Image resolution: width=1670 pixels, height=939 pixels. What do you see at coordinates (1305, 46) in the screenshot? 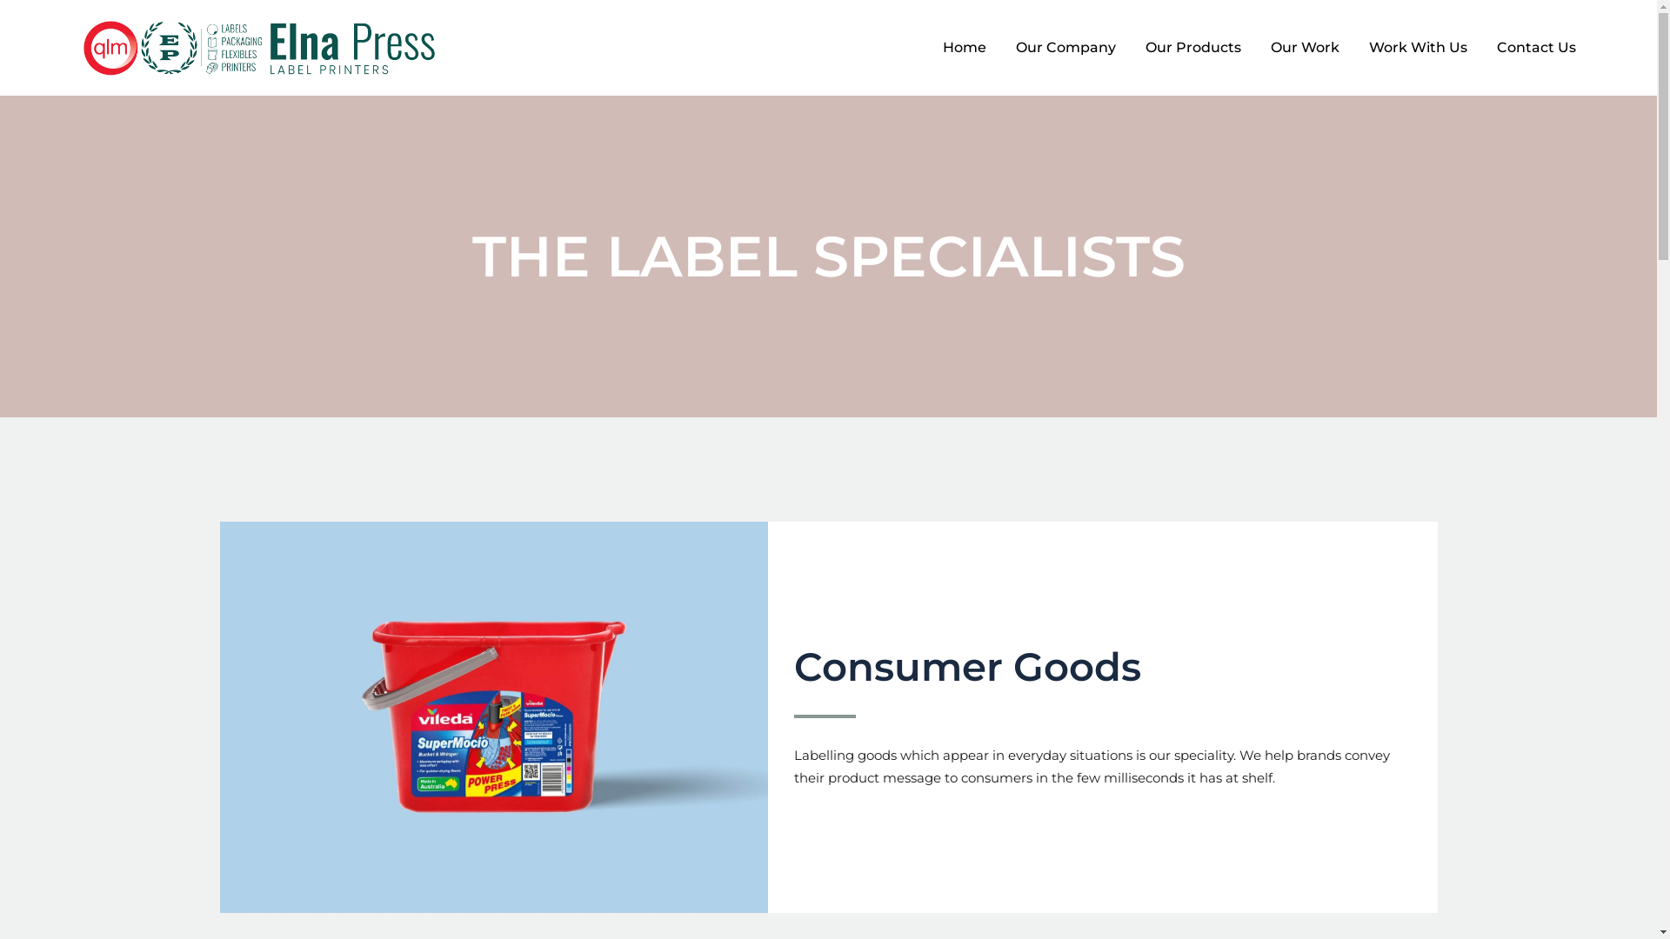
I see `'Our Work'` at bounding box center [1305, 46].